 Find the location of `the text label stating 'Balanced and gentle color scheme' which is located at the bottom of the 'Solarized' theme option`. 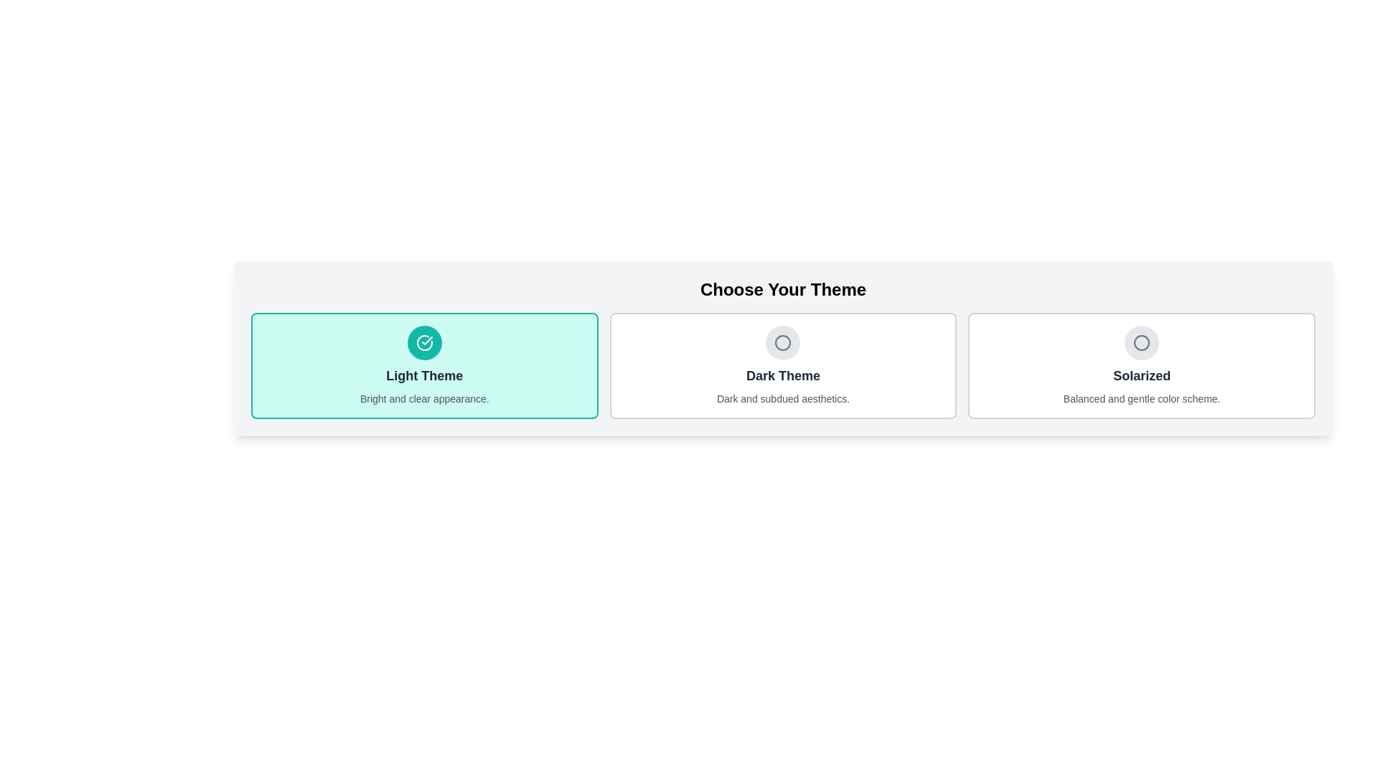

the text label stating 'Balanced and gentle color scheme' which is located at the bottom of the 'Solarized' theme option is located at coordinates (1141, 398).